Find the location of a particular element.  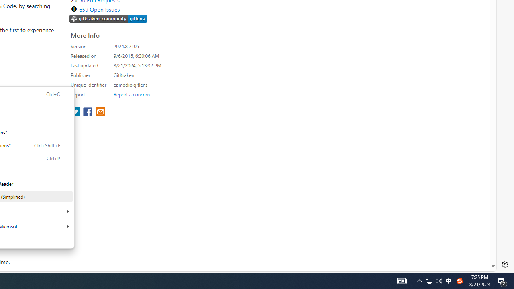

'https://slack.gitkraken.com//' is located at coordinates (108, 19).